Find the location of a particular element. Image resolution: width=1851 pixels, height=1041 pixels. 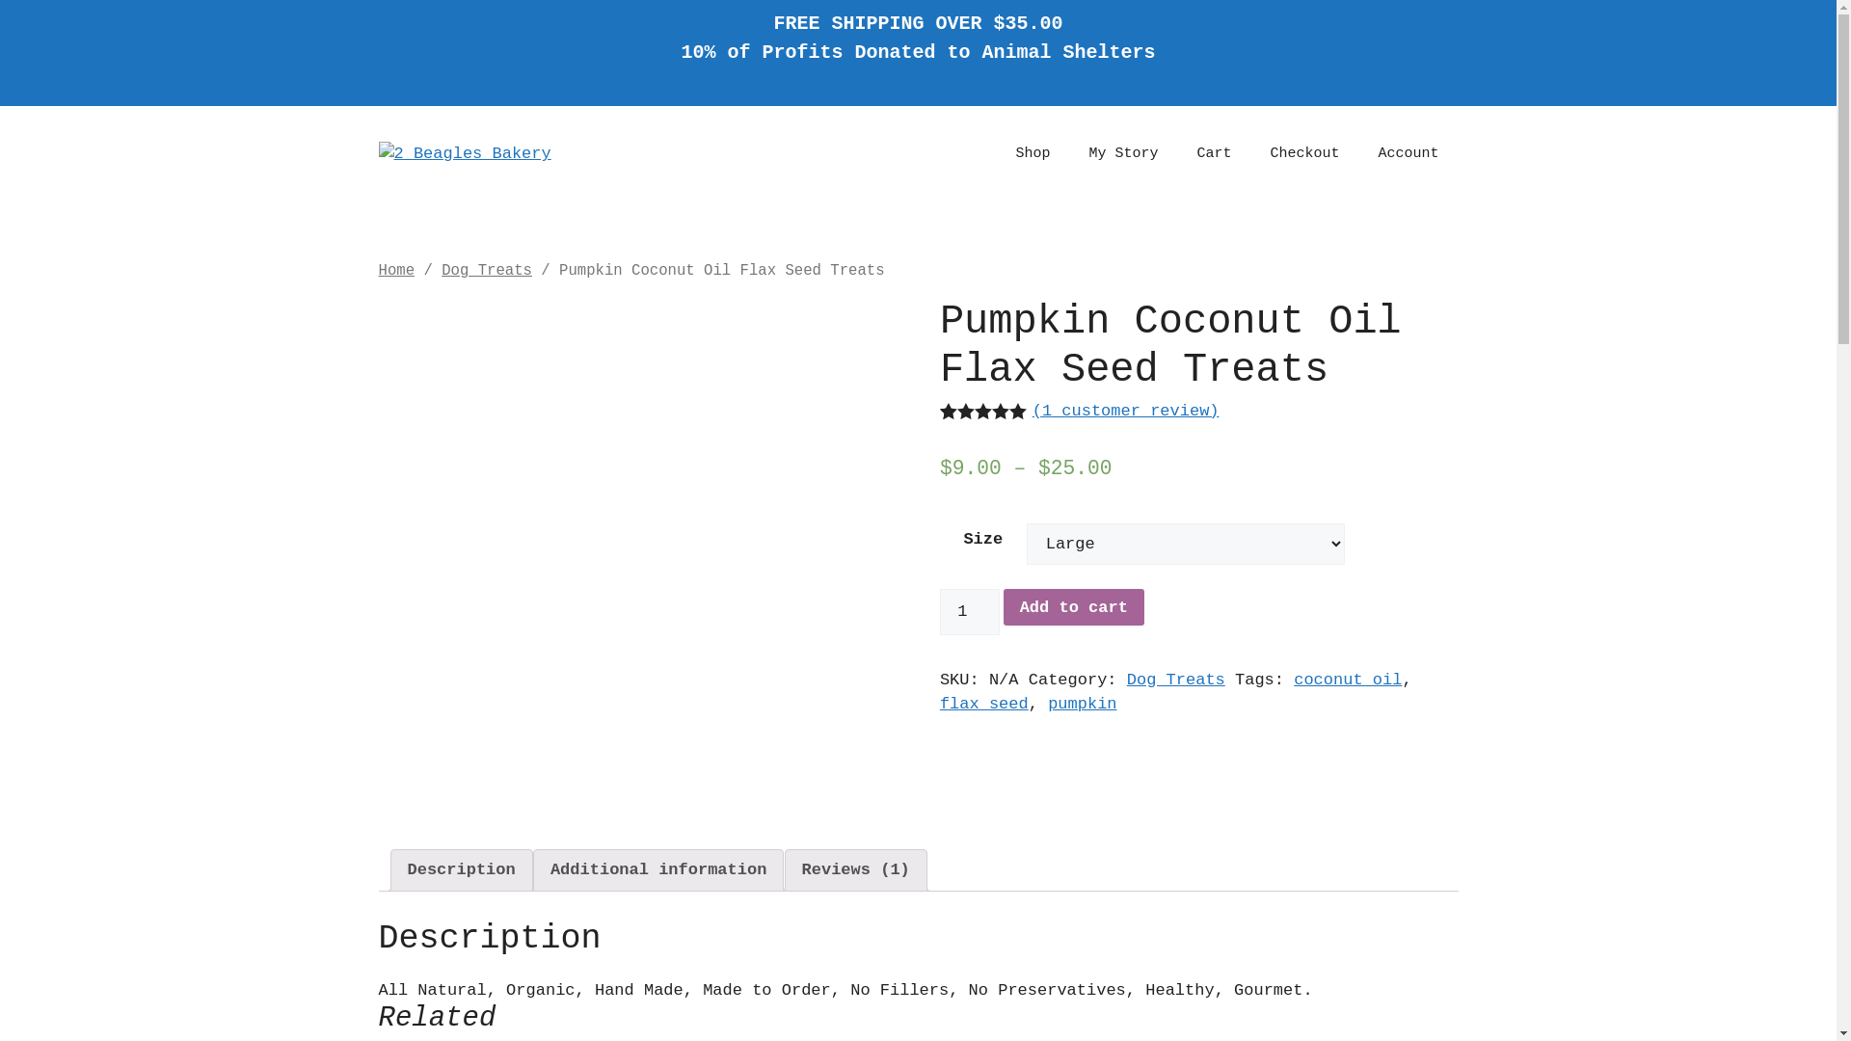

'Reviews (1)' is located at coordinates (855, 870).